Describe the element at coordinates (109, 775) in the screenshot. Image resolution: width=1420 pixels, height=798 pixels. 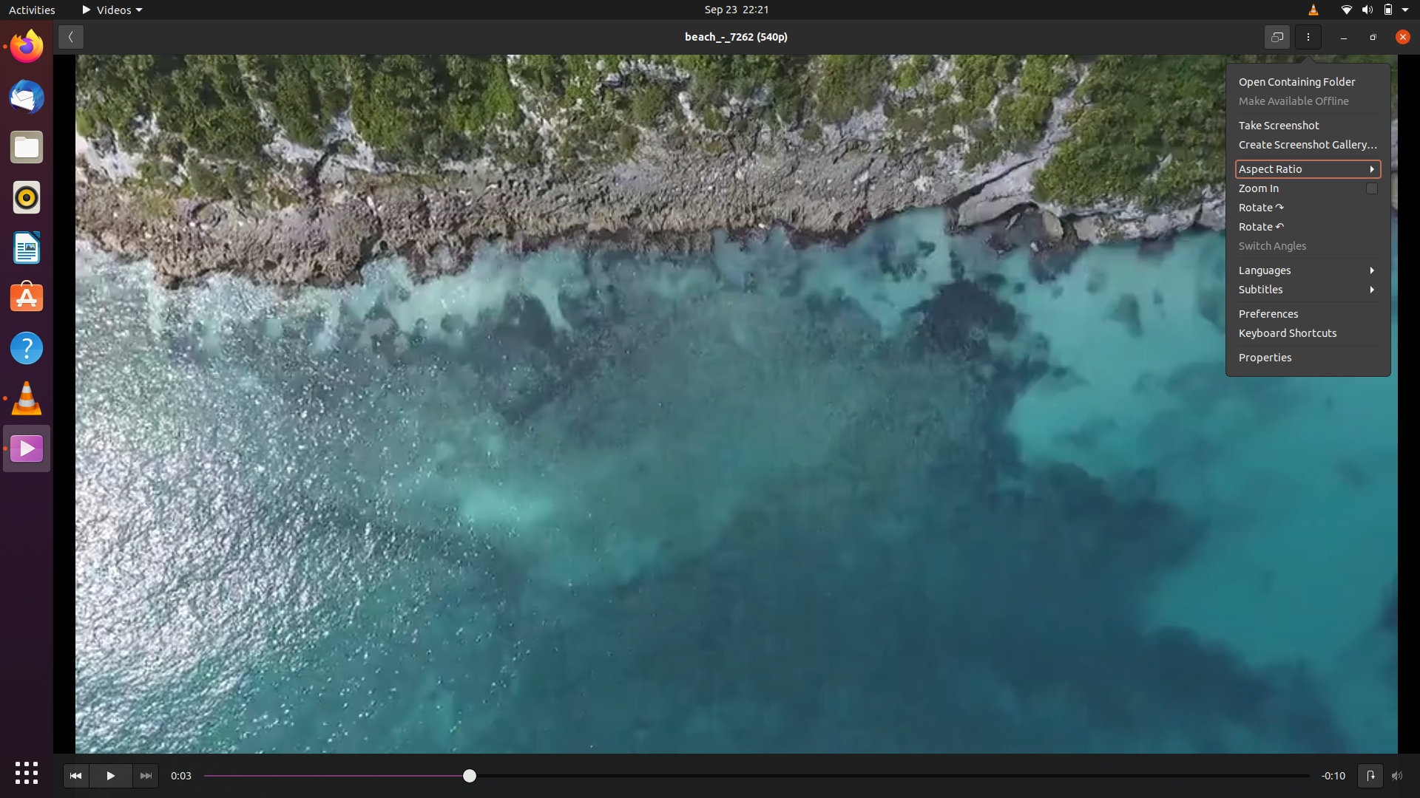
I see `Begin the video playback using mouse` at that location.